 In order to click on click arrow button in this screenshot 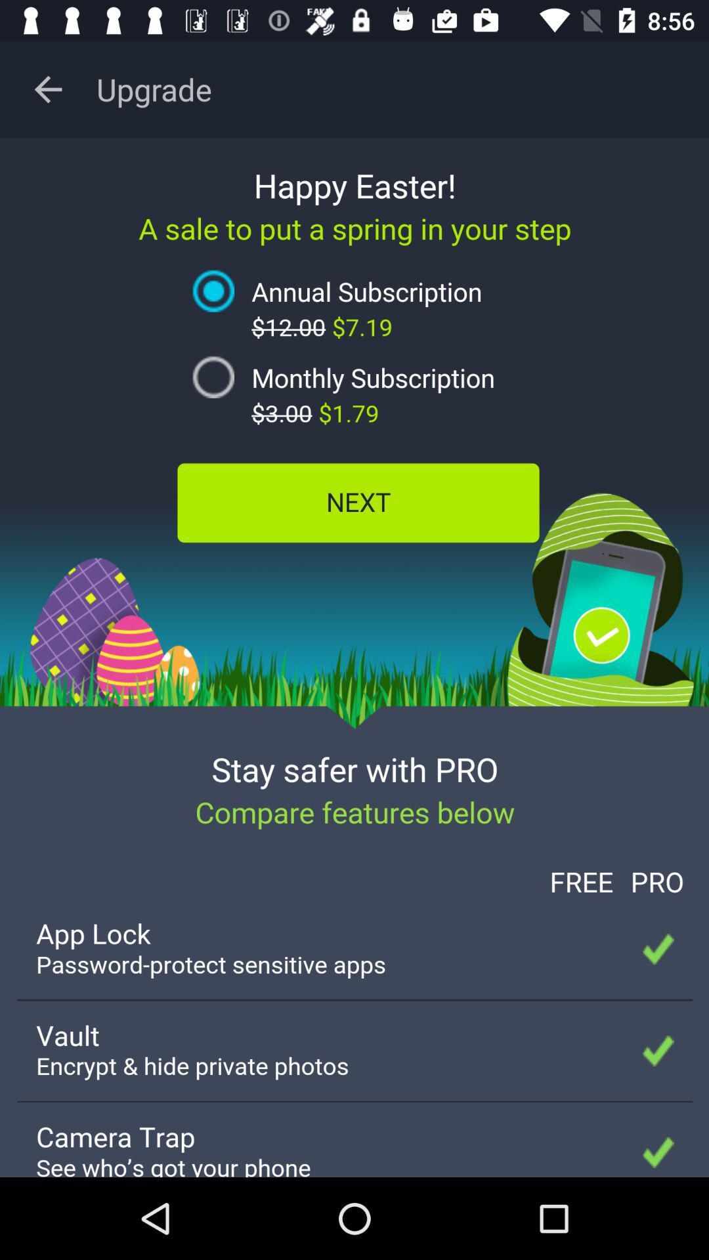, I will do `click(47, 89)`.